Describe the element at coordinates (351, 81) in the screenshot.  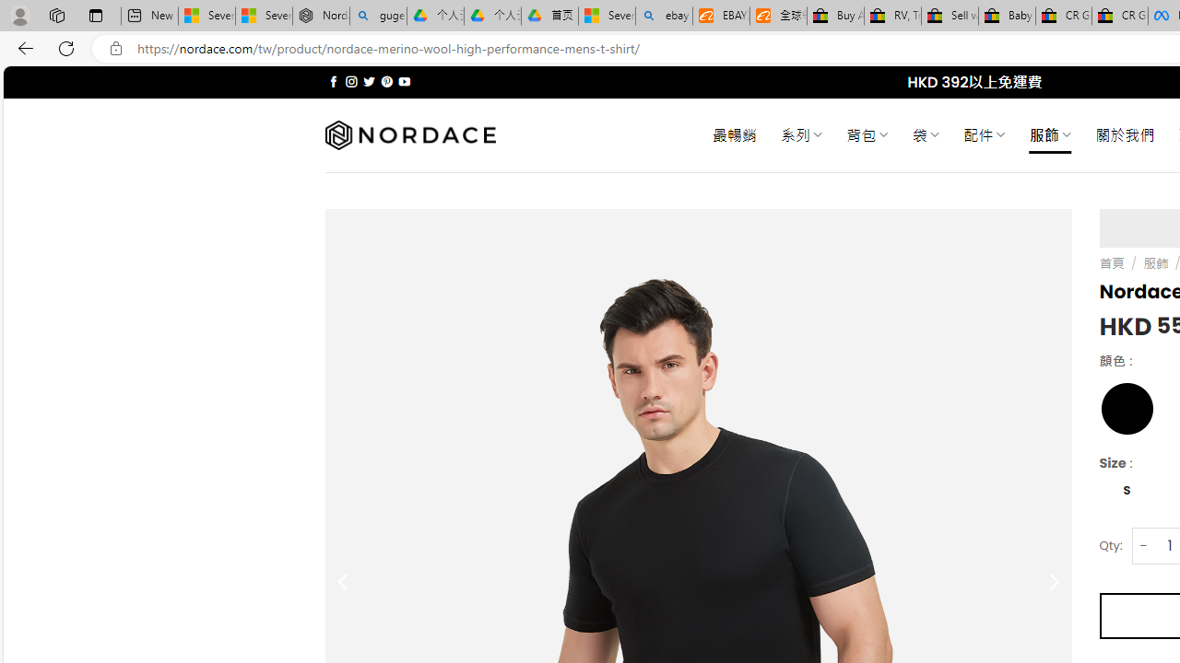
I see `'Follow on Instagram'` at that location.